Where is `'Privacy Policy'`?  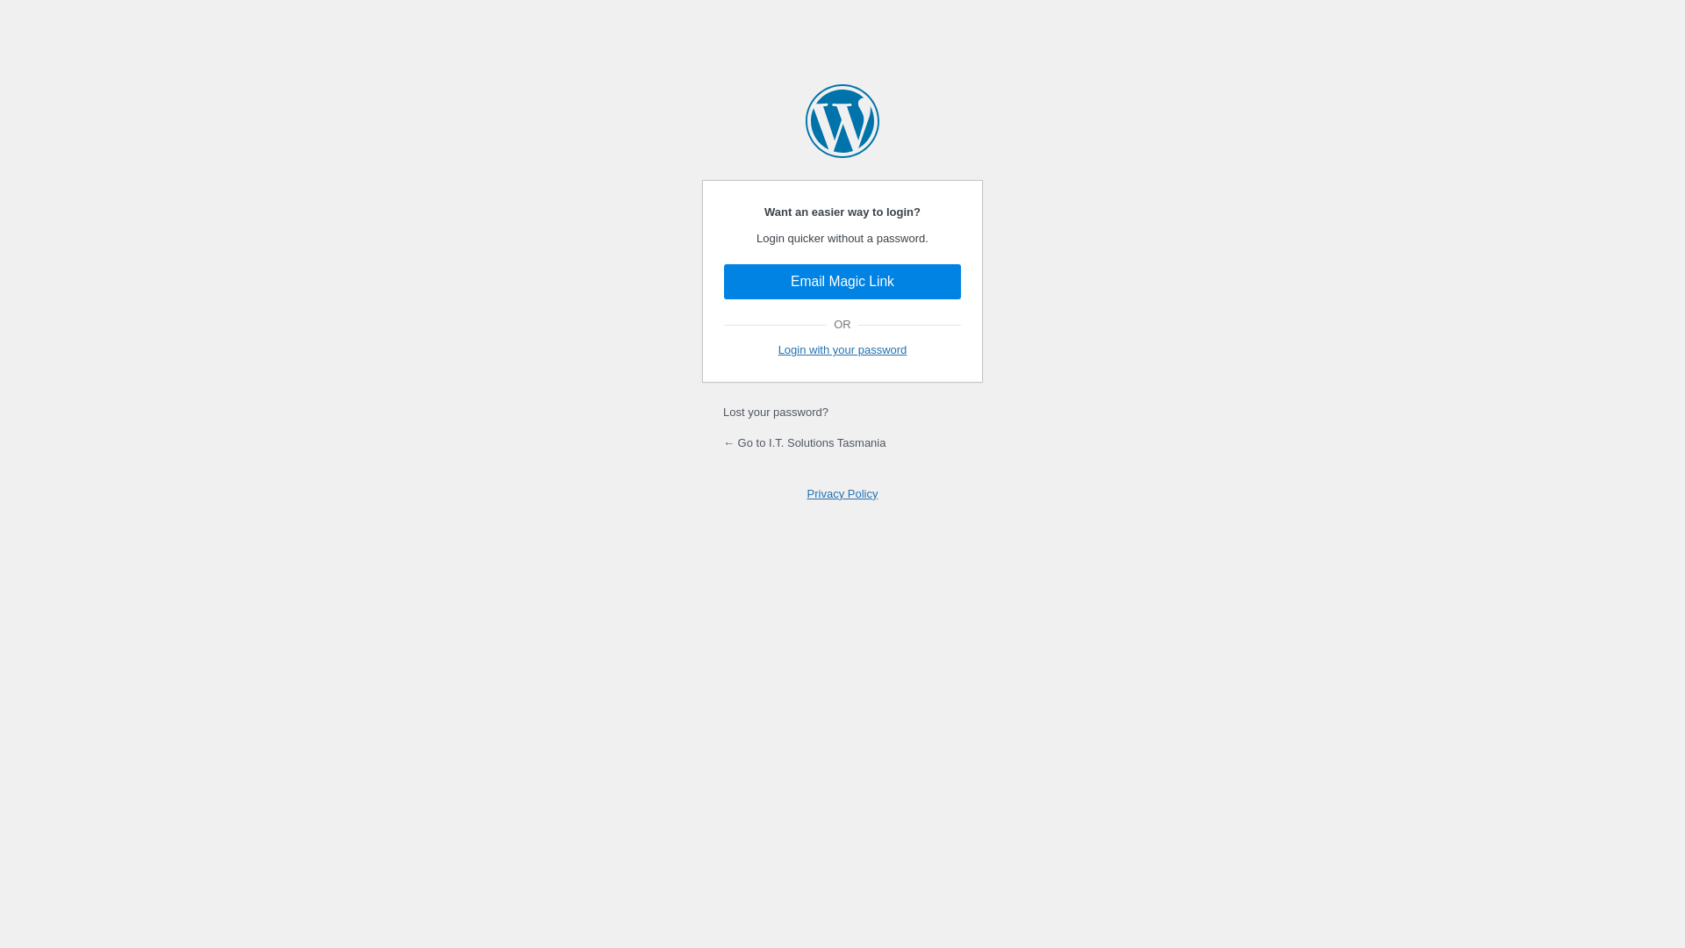 'Privacy Policy' is located at coordinates (842, 493).